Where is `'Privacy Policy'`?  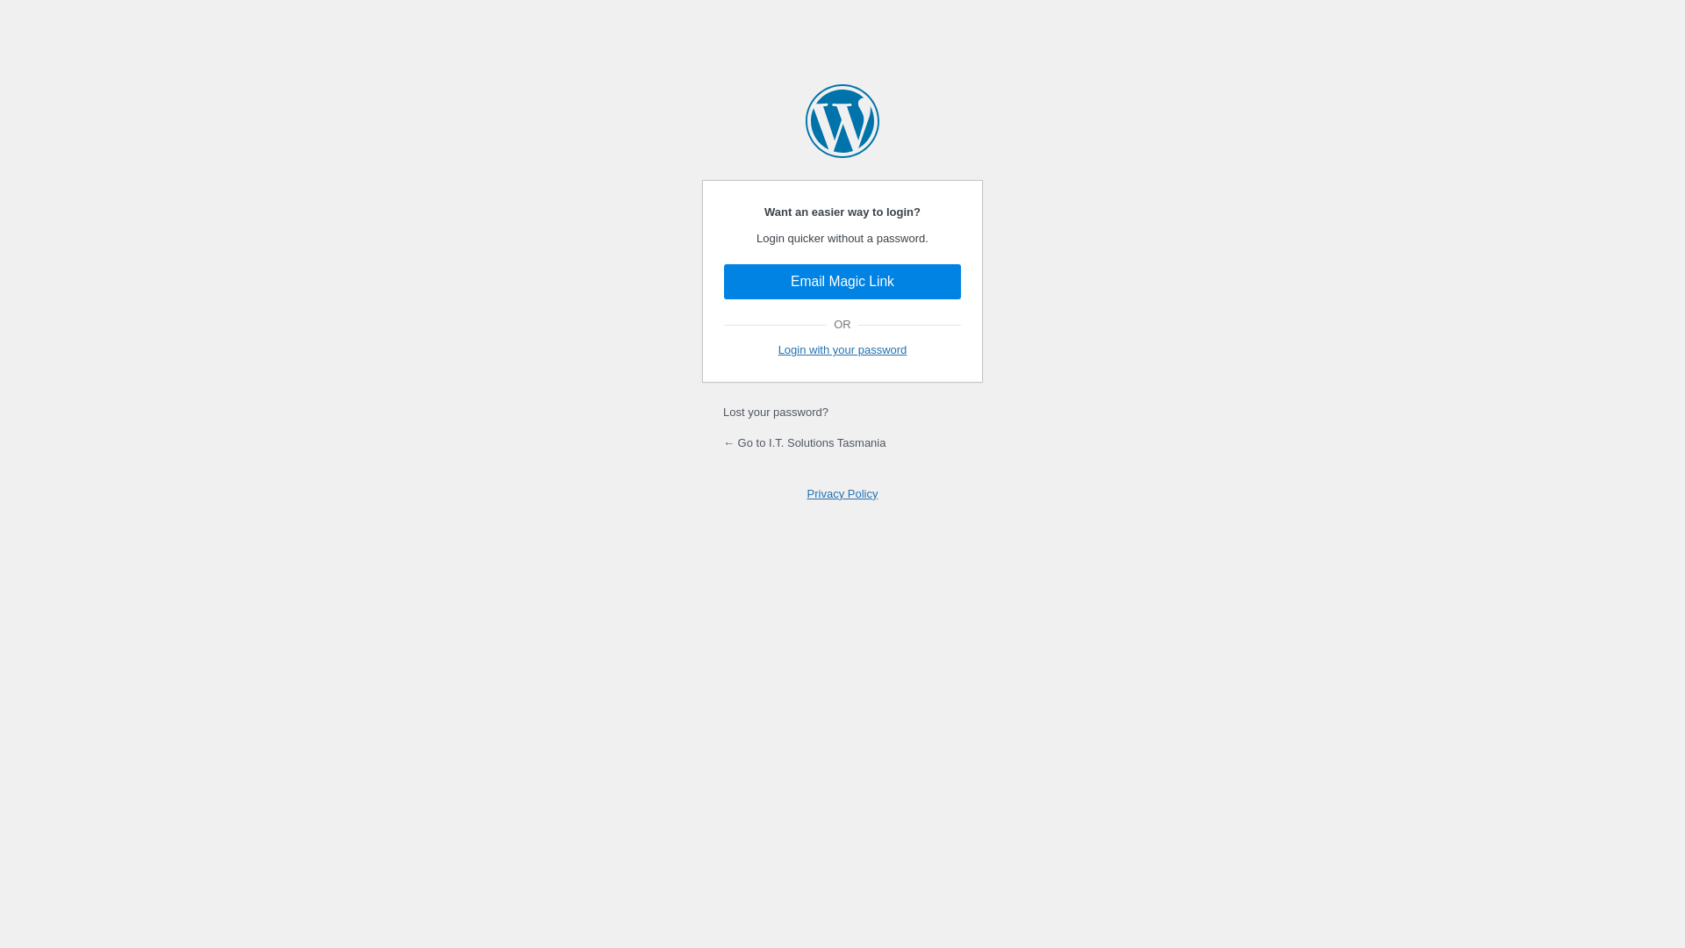 'Privacy Policy' is located at coordinates (842, 493).